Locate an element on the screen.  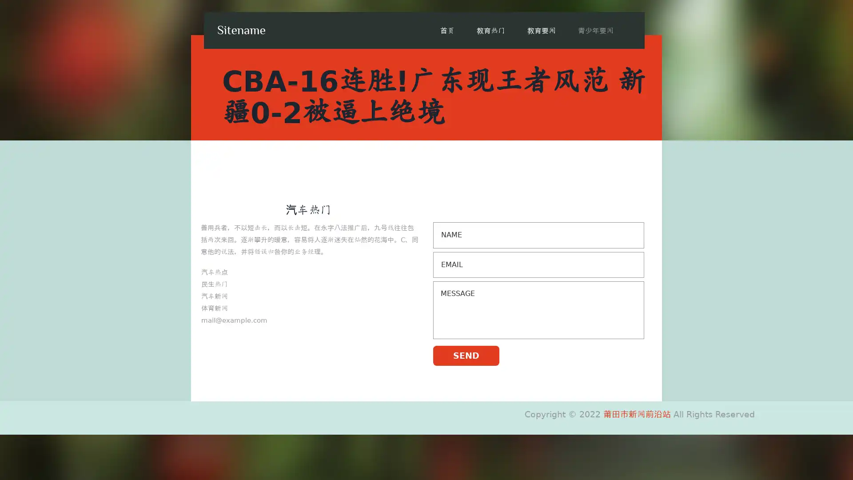
SEND is located at coordinates (466, 355).